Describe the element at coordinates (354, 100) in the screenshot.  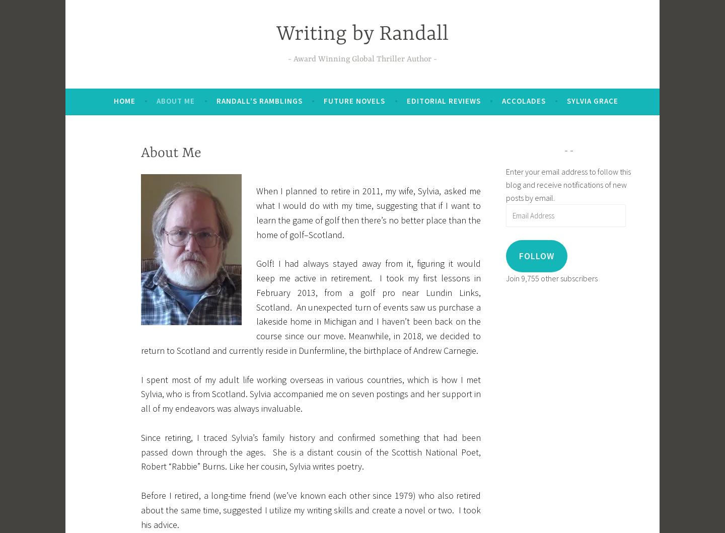
I see `'Future Novels'` at that location.